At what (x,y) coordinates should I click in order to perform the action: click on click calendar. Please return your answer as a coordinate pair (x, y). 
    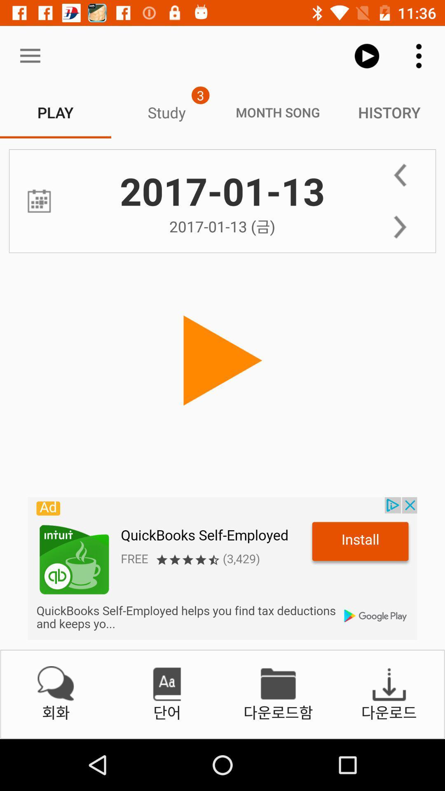
    Looking at the image, I should click on (39, 201).